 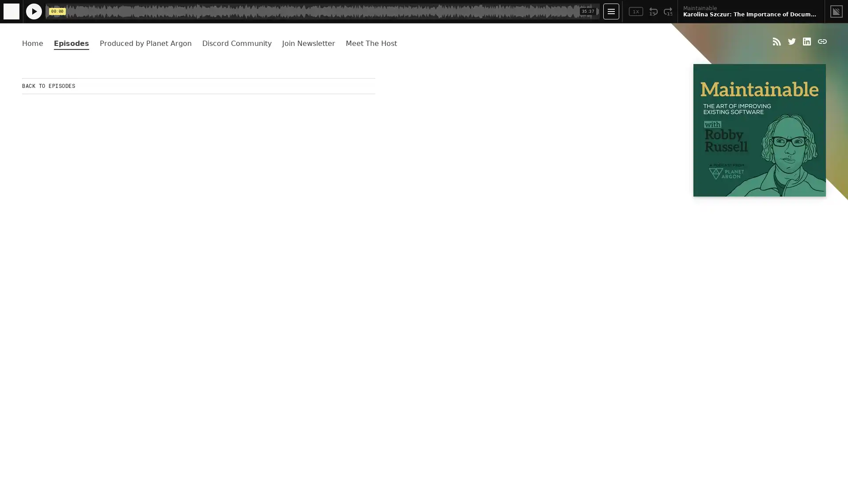 What do you see at coordinates (636, 11) in the screenshot?
I see `Toggle Speed: Current Speed 1x` at bounding box center [636, 11].